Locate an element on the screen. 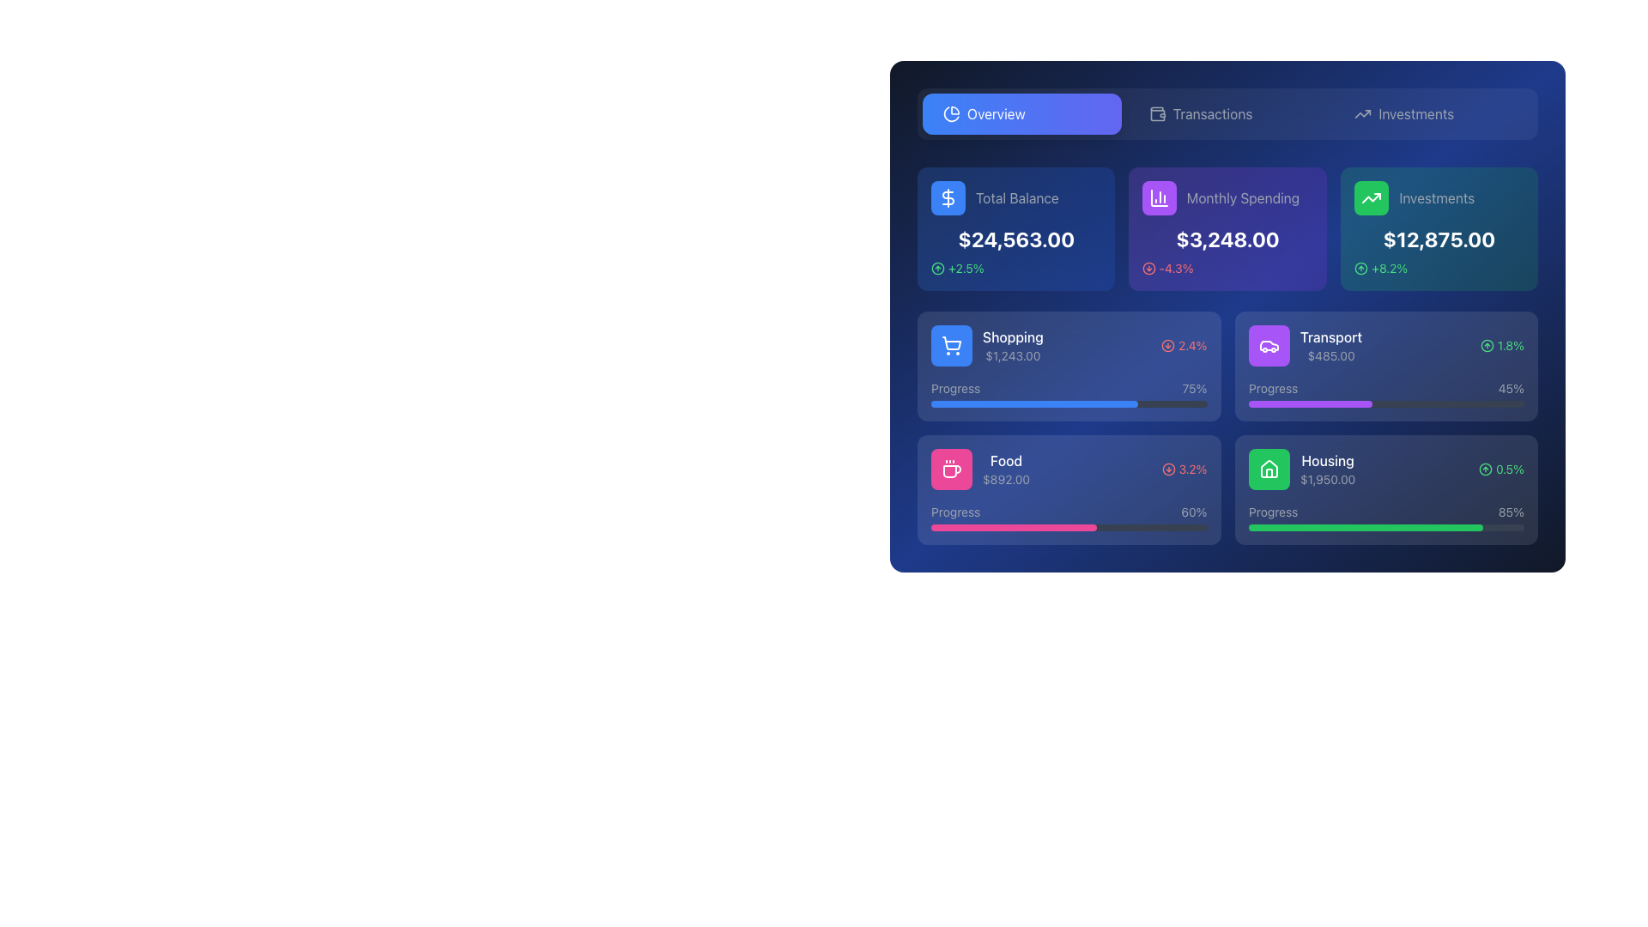 Image resolution: width=1648 pixels, height=927 pixels. the 'Shopping' button located in the upper half of the dashboard interface, adjacent to the text elements 'Shopping' and '$1,243.00' is located at coordinates (950, 345).